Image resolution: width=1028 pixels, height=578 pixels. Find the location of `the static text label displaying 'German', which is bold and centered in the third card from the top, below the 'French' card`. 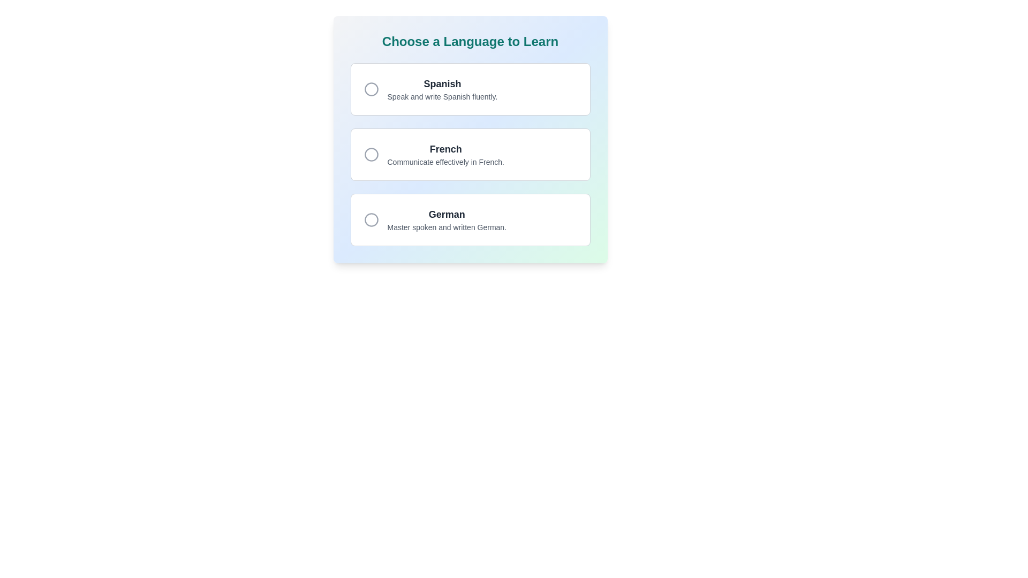

the static text label displaying 'German', which is bold and centered in the third card from the top, below the 'French' card is located at coordinates (447, 215).